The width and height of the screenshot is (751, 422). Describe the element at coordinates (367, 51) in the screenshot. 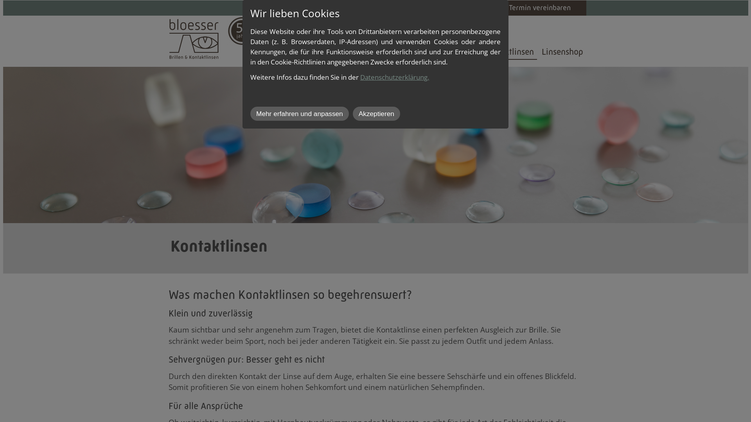

I see `'Bloesser Optik'` at that location.